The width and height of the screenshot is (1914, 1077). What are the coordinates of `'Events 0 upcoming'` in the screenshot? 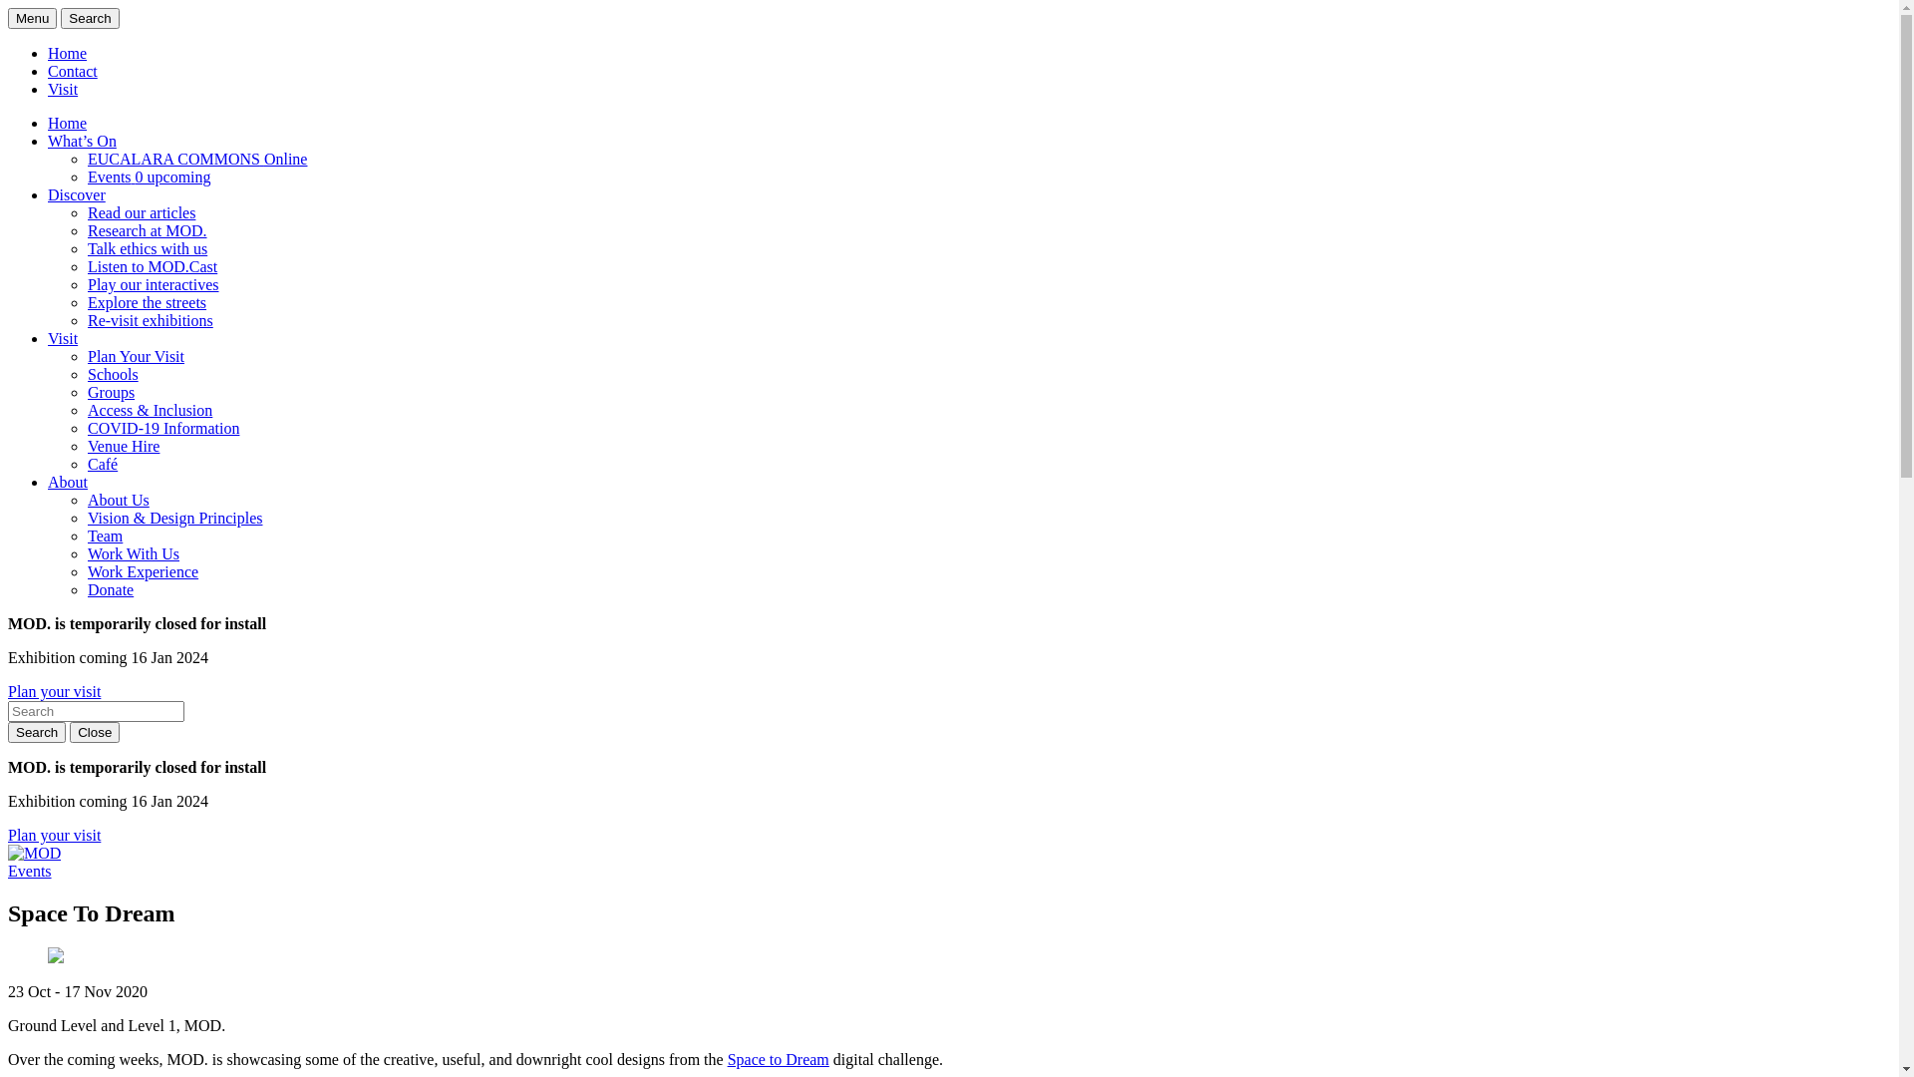 It's located at (148, 176).